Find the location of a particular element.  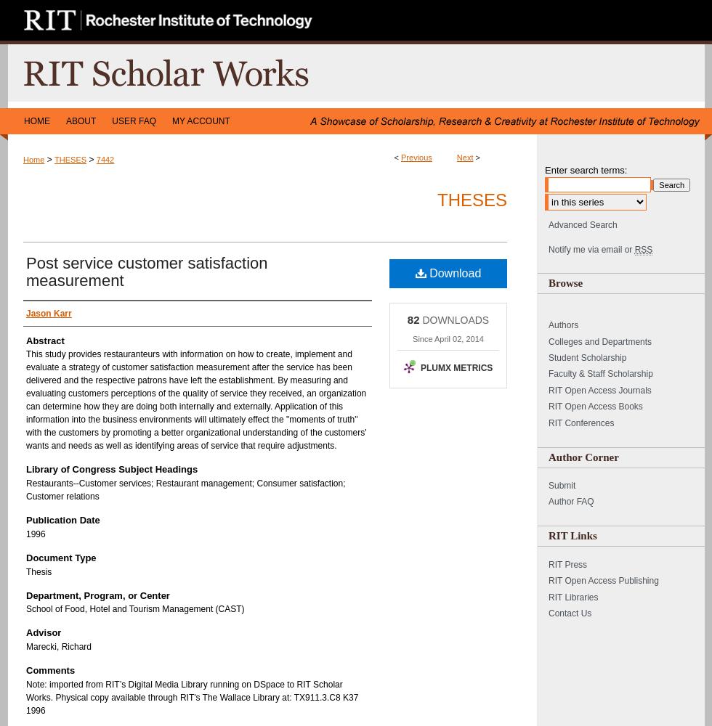

'Restaurants--Customer services; Restaurant management; Consumer satisfaction; Customer relations' is located at coordinates (185, 490).